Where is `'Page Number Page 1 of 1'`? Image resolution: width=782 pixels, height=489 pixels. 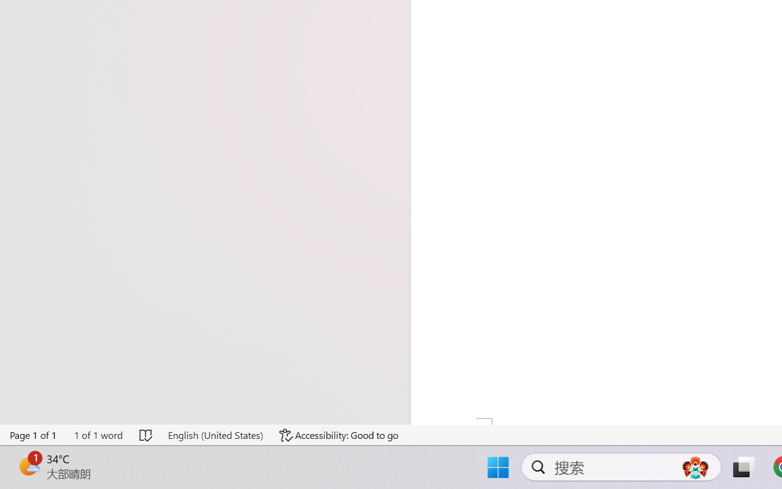
'Page Number Page 1 of 1' is located at coordinates (34, 435).